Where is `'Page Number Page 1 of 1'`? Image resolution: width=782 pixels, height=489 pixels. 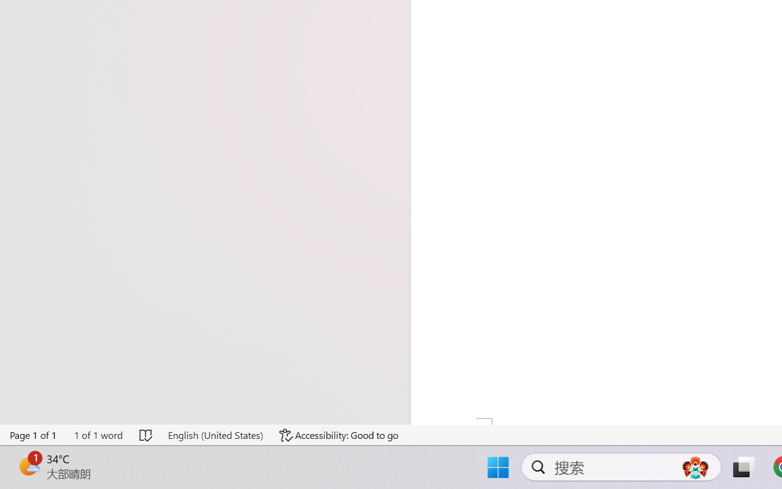
'Page Number Page 1 of 1' is located at coordinates (34, 435).